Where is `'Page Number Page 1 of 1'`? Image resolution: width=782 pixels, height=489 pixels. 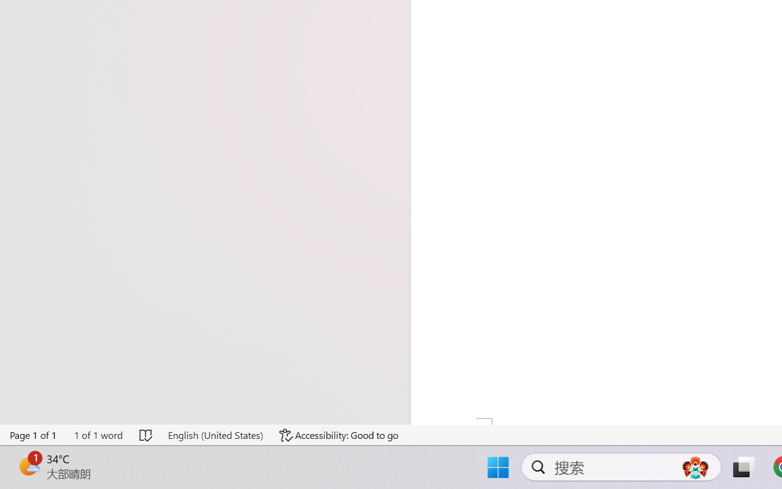
'Page Number Page 1 of 1' is located at coordinates (34, 435).